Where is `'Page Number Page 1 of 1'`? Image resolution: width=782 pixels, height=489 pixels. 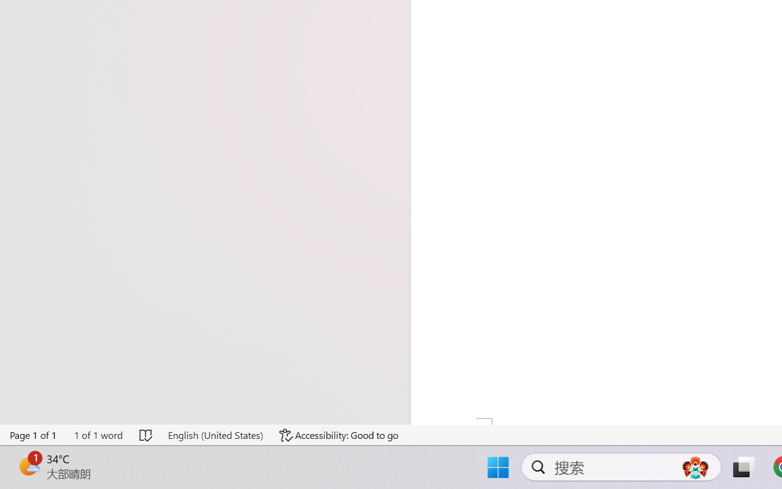
'Page Number Page 1 of 1' is located at coordinates (34, 435).